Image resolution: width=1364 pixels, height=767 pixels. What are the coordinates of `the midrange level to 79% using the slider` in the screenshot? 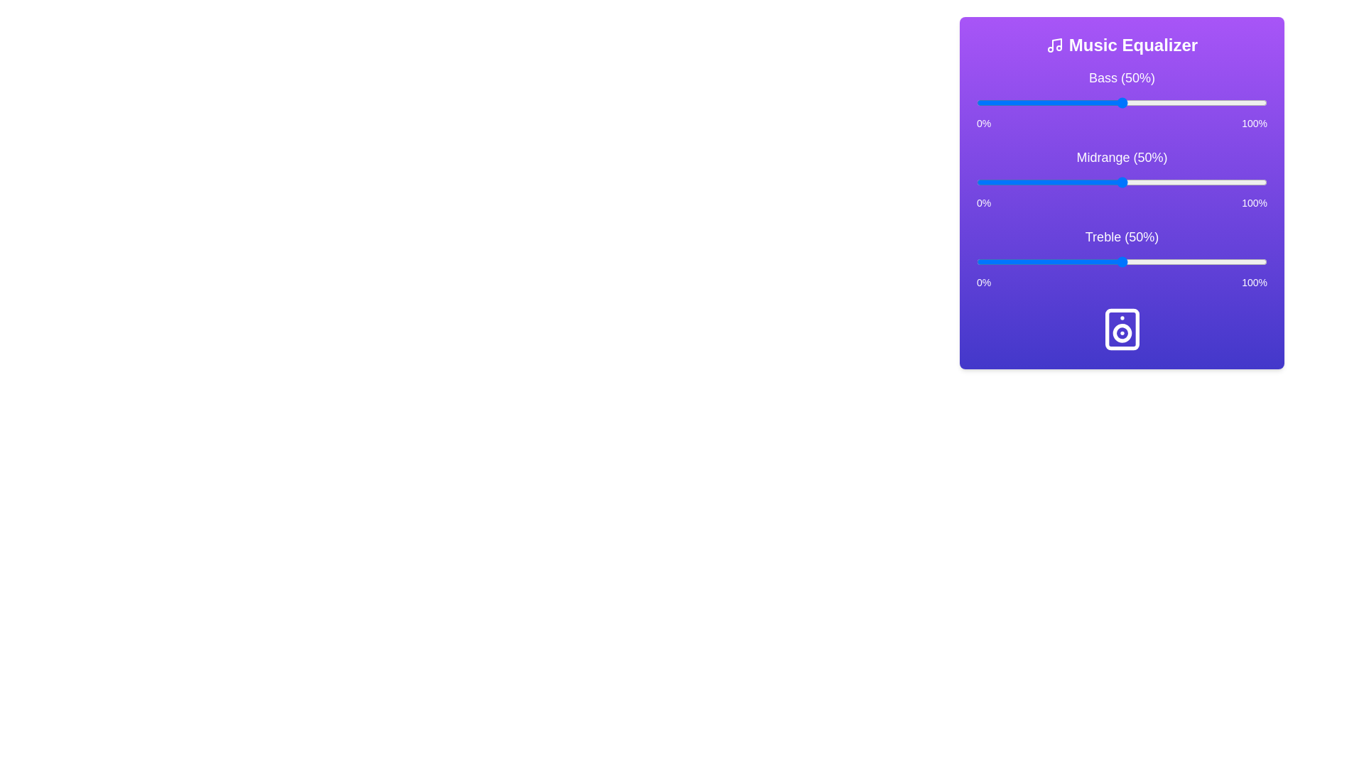 It's located at (1206, 182).